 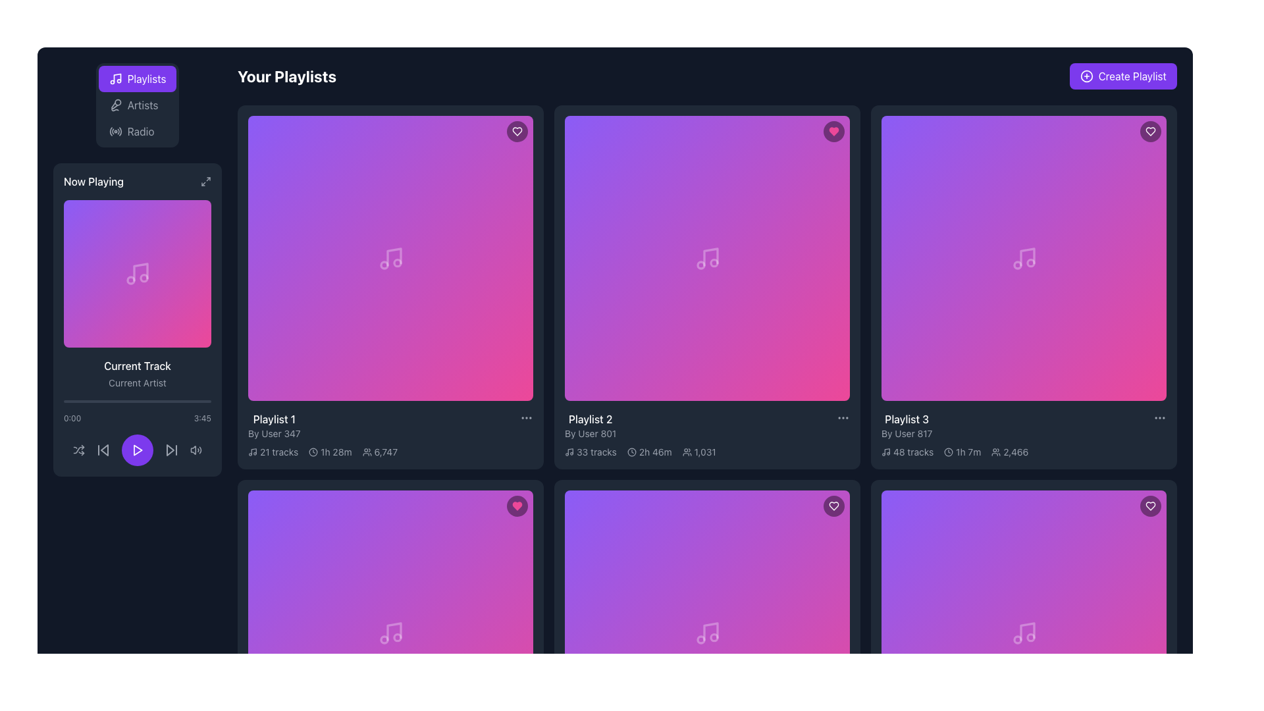 What do you see at coordinates (590, 426) in the screenshot?
I see `the text label that displays the title and author of the second playlist in the grid, located in the second column and first row beneath the card preview image` at bounding box center [590, 426].